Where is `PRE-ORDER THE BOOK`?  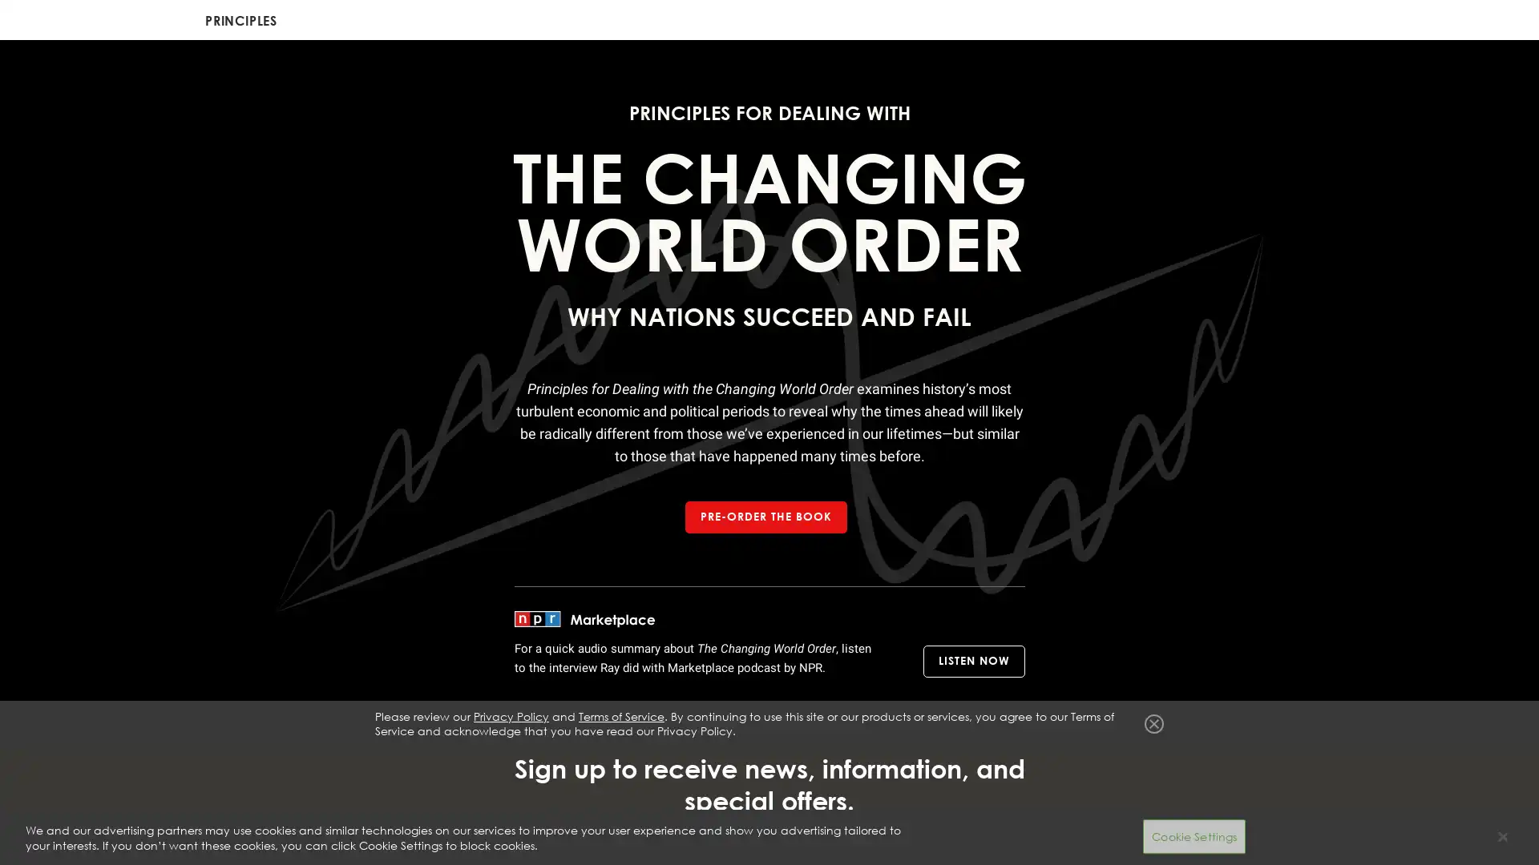 PRE-ORDER THE BOOK is located at coordinates (765, 517).